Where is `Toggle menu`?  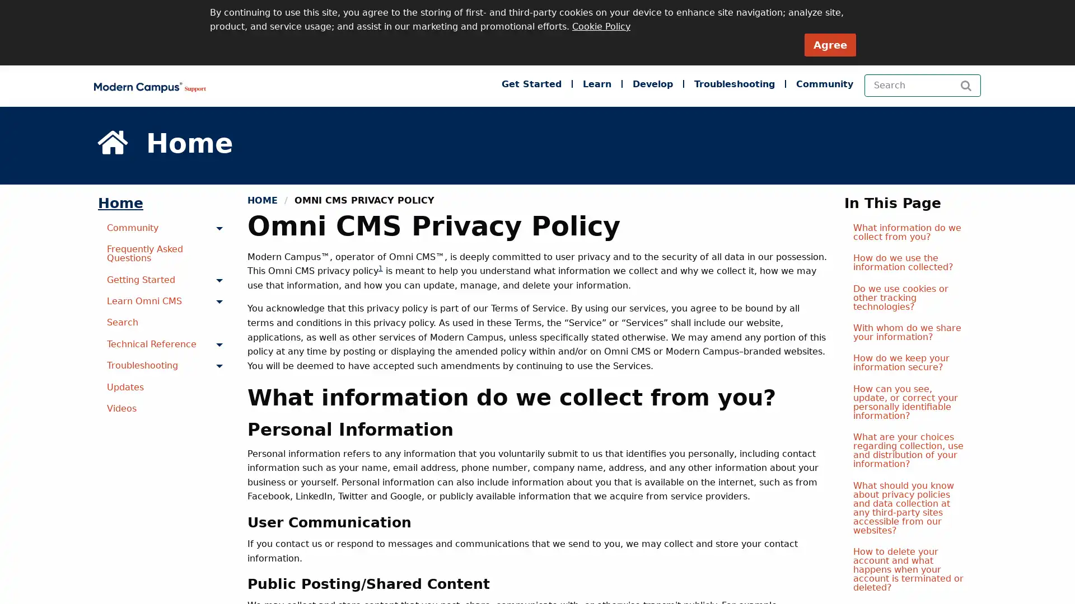 Toggle menu is located at coordinates (218, 301).